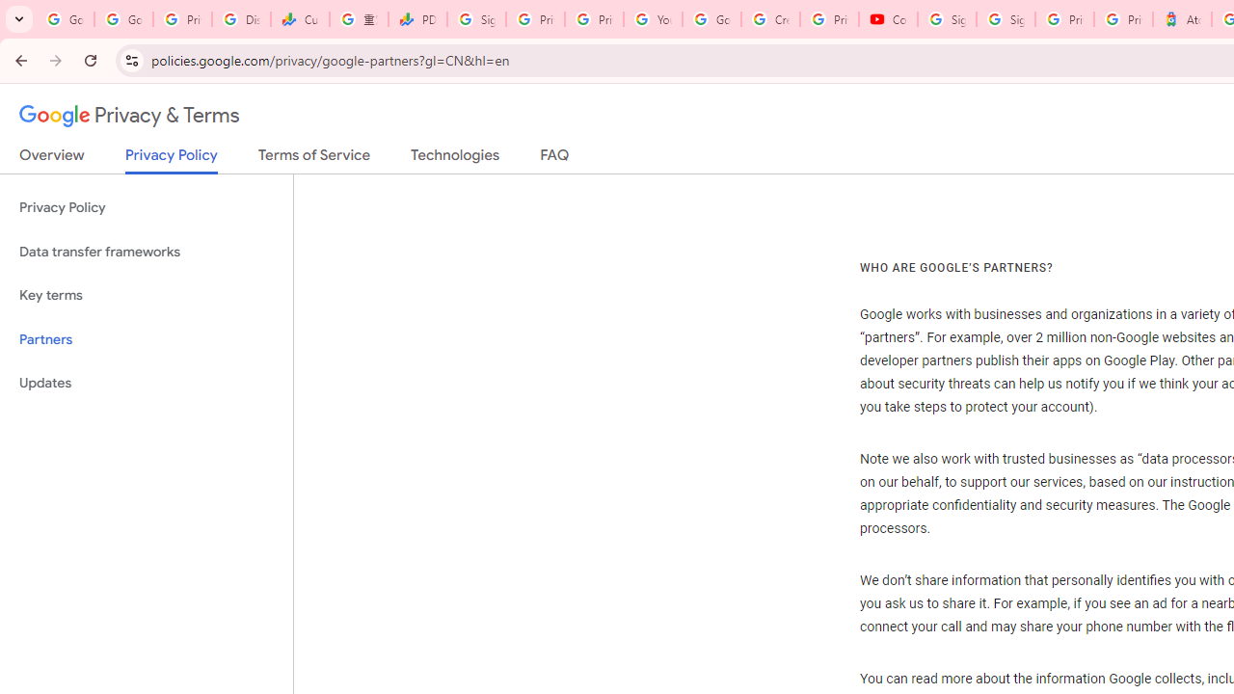  Describe the element at coordinates (653, 19) in the screenshot. I see `'YouTube'` at that location.